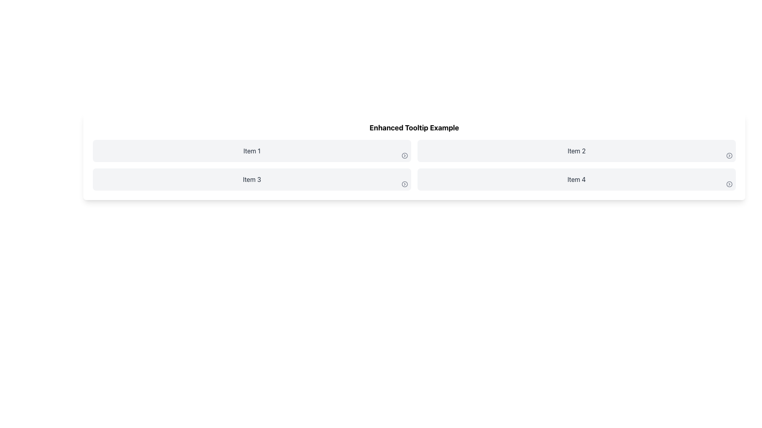 The width and height of the screenshot is (762, 428). What do you see at coordinates (729, 184) in the screenshot?
I see `the small circular graphic element within the SVG component of 'Item 4', which is positioned slightly overlapping with an adjacent arrowhead shape` at bounding box center [729, 184].